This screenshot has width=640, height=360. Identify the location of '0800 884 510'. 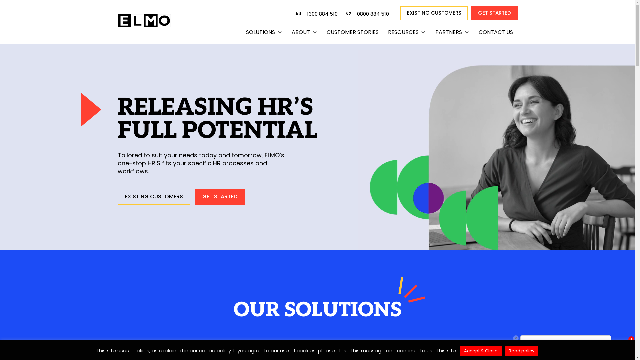
(376, 14).